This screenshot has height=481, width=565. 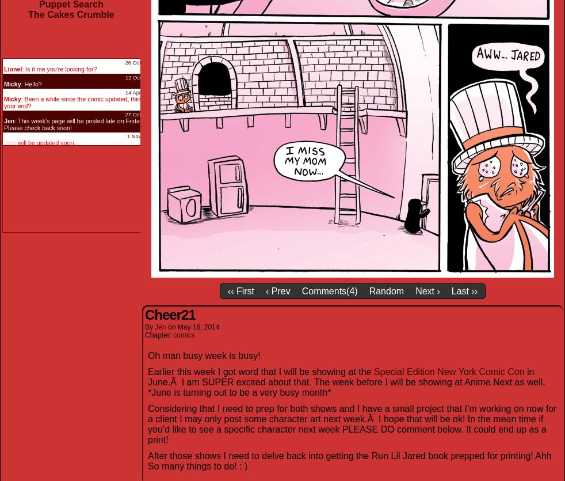 What do you see at coordinates (329, 290) in the screenshot?
I see `'Comments(4)'` at bounding box center [329, 290].